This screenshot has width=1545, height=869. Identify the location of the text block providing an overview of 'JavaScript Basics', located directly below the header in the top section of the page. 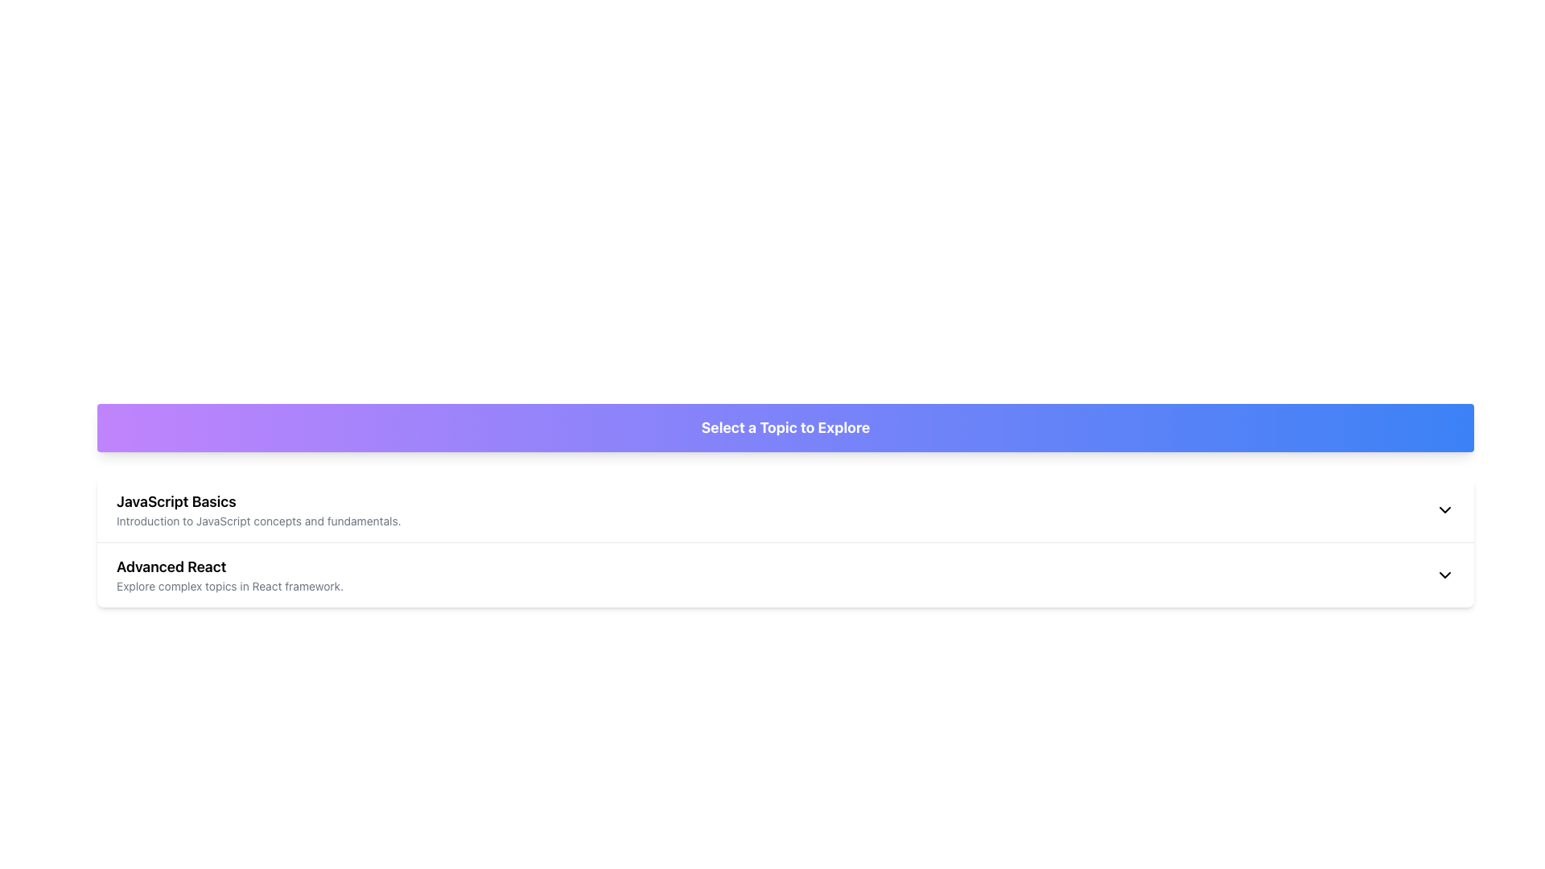
(258, 521).